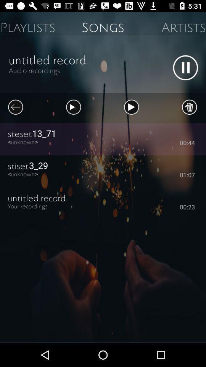  What do you see at coordinates (185, 67) in the screenshot?
I see `pause/play the sound file` at bounding box center [185, 67].